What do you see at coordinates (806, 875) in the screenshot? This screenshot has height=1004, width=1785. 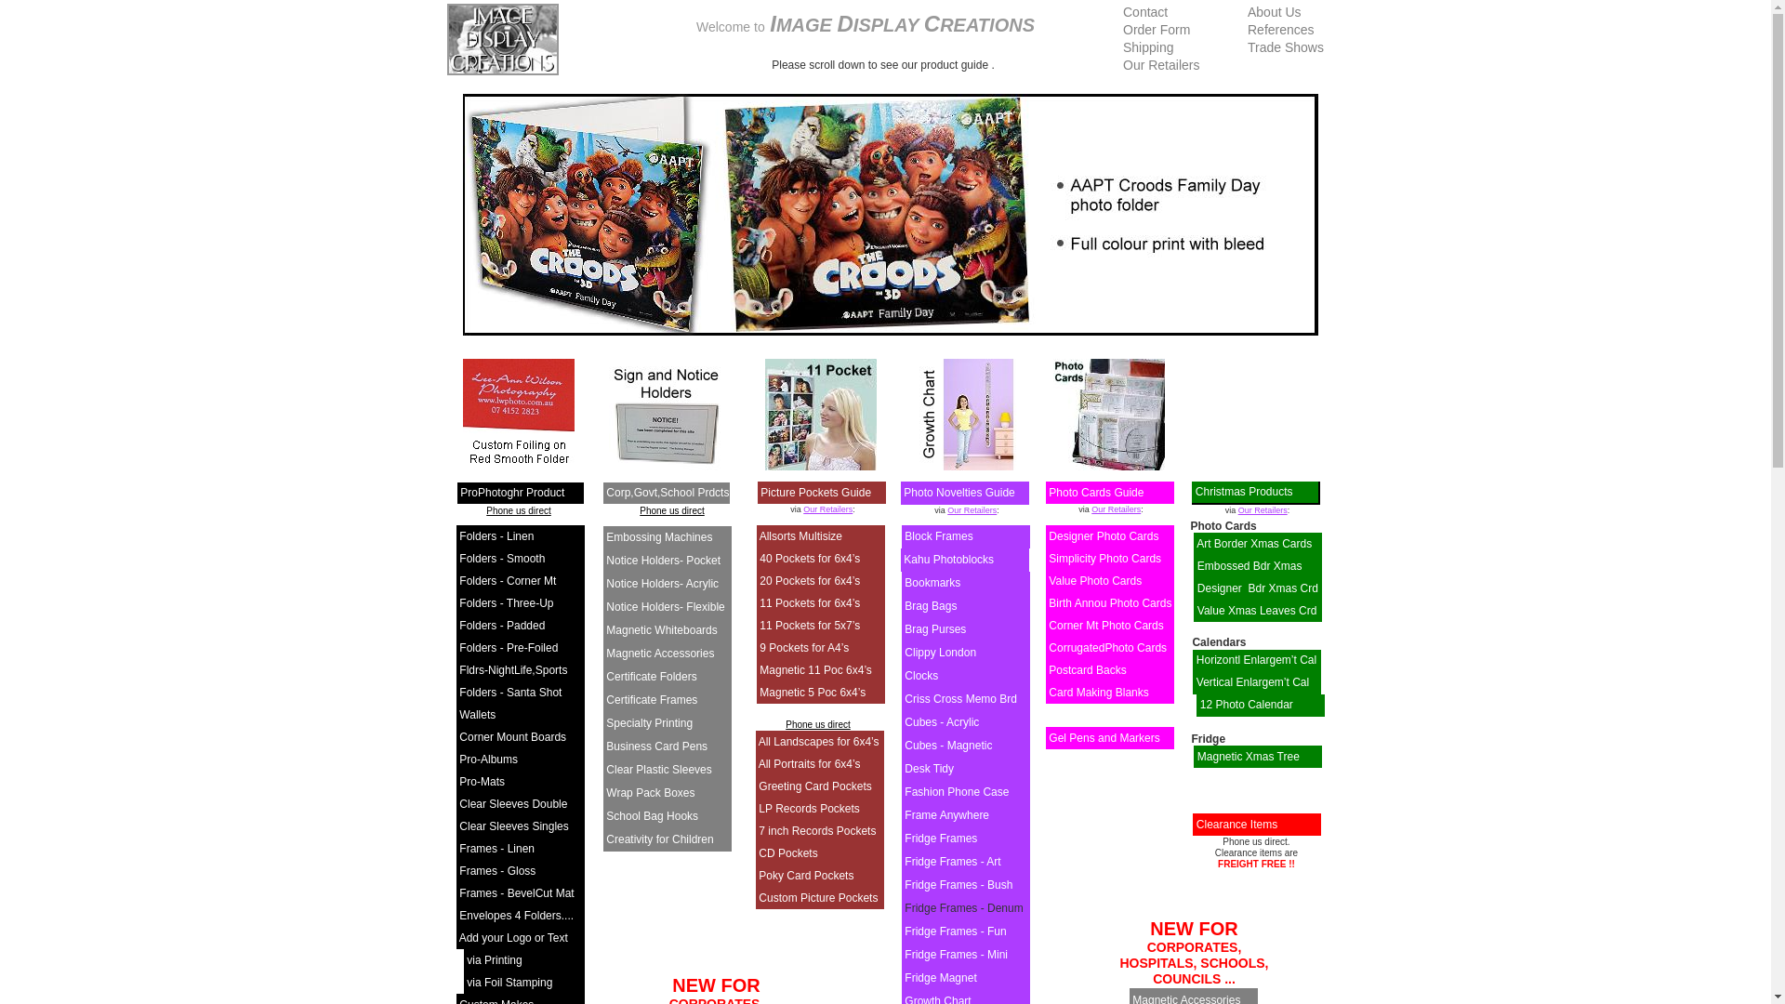 I see `'Poky Card Pockets'` at bounding box center [806, 875].